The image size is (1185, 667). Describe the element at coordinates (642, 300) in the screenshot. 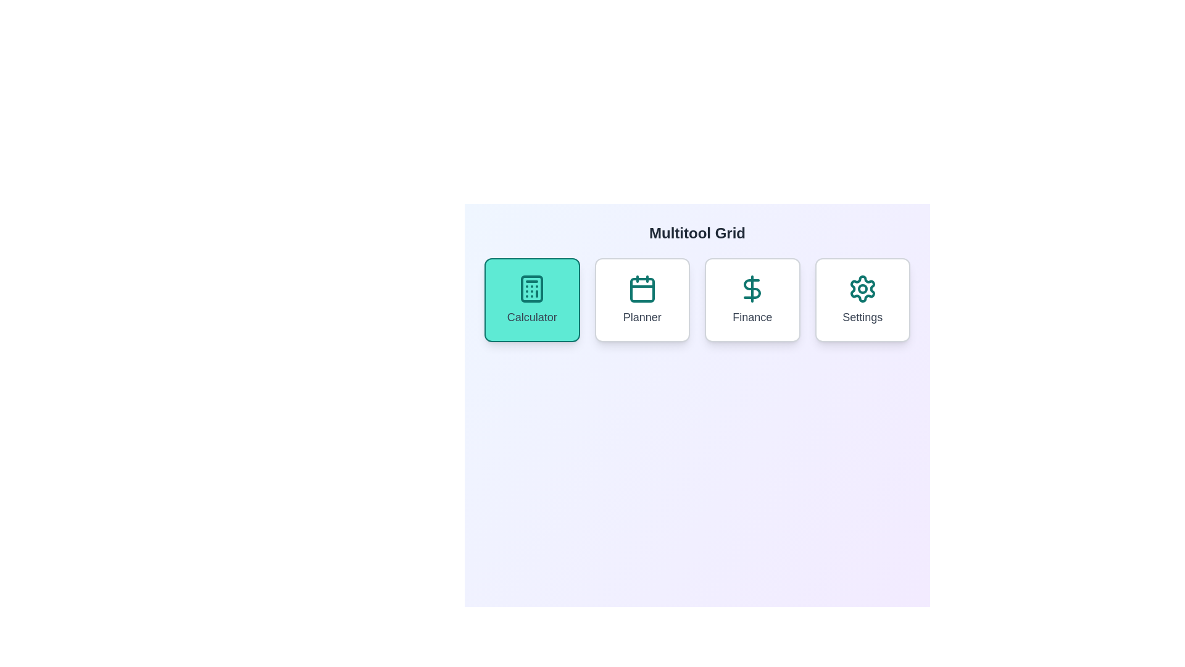

I see `the 'Planner' button, which is a rectangular button with a white background and a teal calendar icon at its center, located in the second column of a grid of four buttons` at that location.